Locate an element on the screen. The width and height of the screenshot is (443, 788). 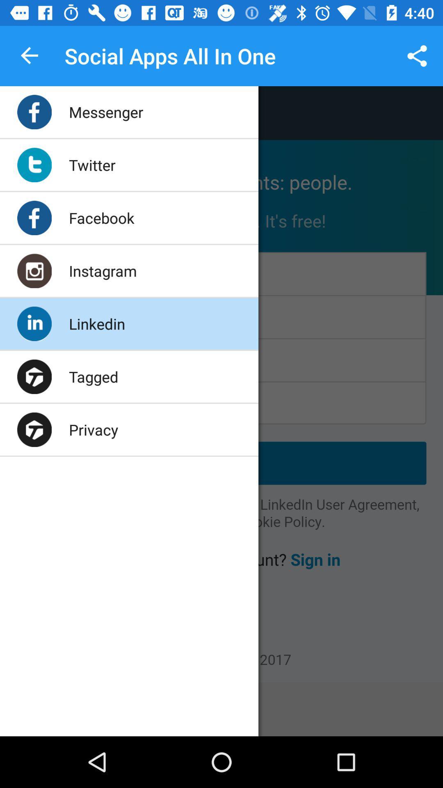
item at the center is located at coordinates (221, 384).